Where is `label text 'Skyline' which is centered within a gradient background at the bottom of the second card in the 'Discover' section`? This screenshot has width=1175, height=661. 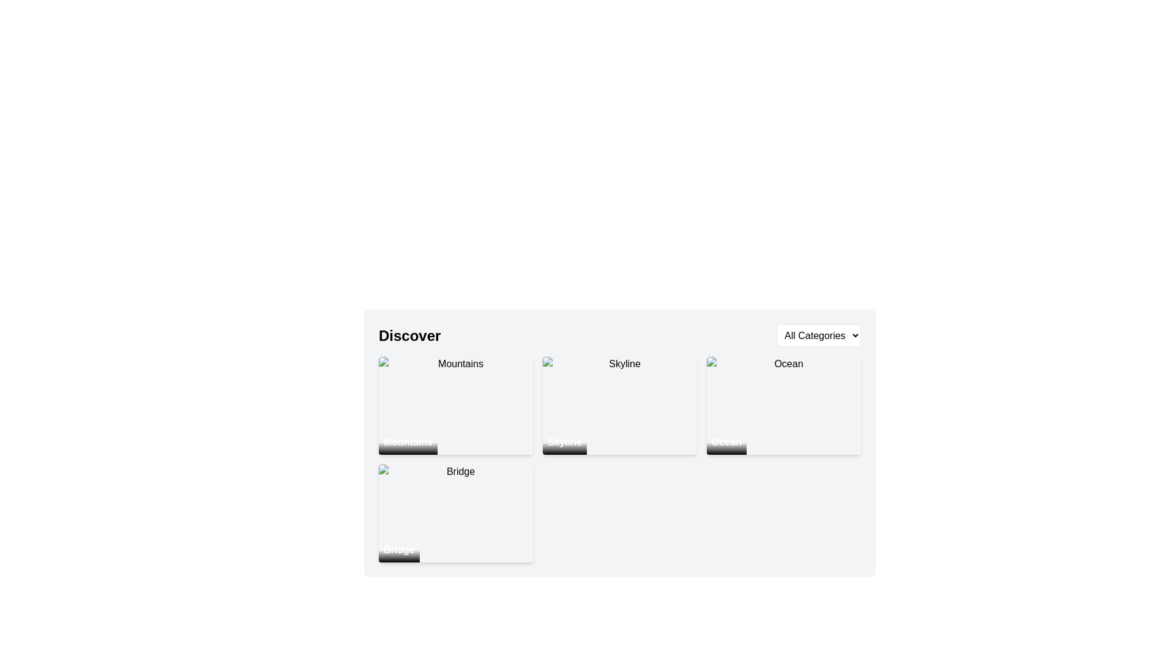
label text 'Skyline' which is centered within a gradient background at the bottom of the second card in the 'Discover' section is located at coordinates (564, 442).